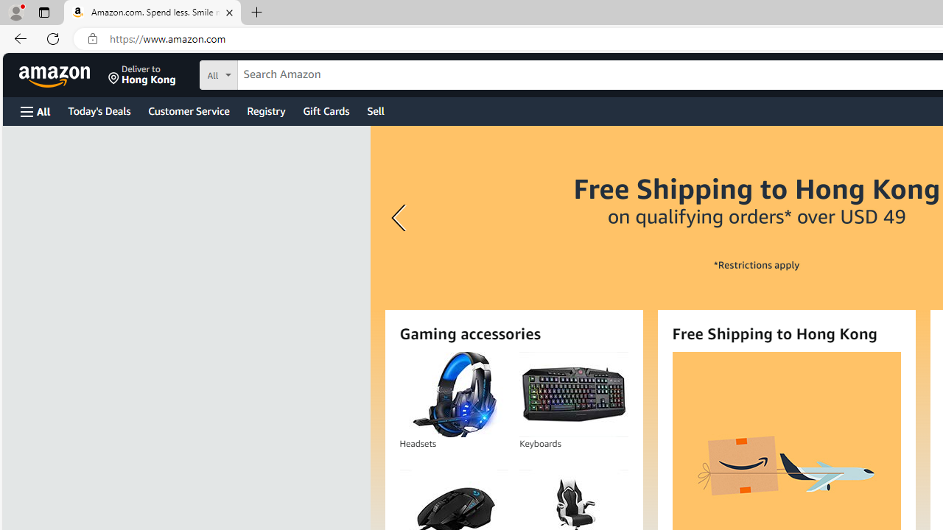 The image size is (943, 530). I want to click on 'Search in', so click(273, 73).